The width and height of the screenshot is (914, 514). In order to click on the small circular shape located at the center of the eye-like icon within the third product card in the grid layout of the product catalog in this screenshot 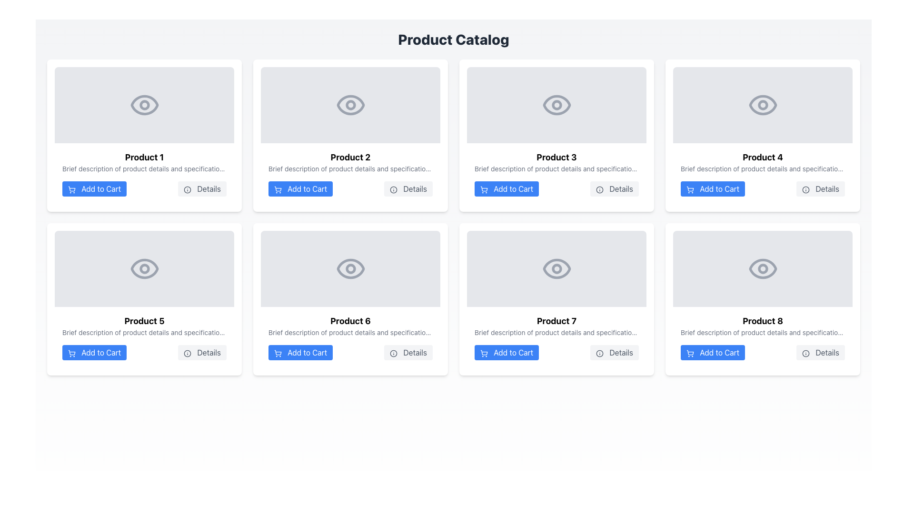, I will do `click(556, 105)`.